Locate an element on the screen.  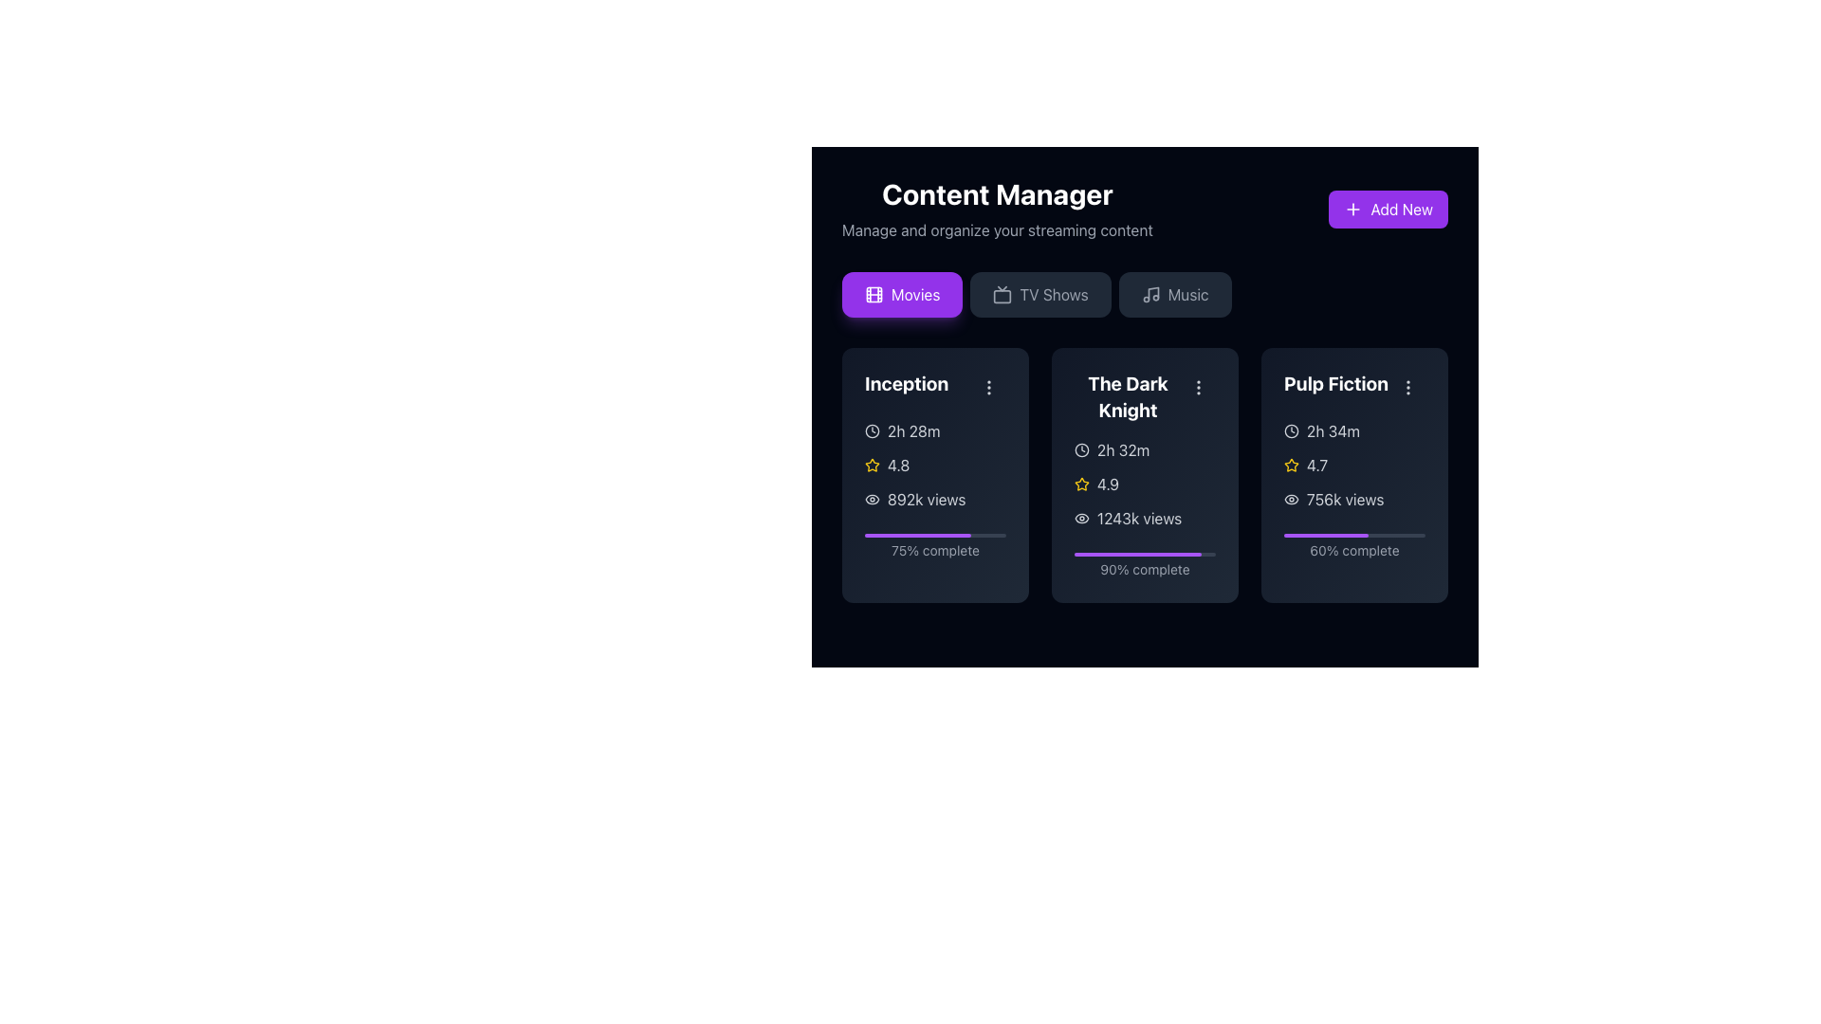
the title text label for the movie 'Inception', which is located at the top of the first card in the 'Movies' grid layout is located at coordinates (935, 386).